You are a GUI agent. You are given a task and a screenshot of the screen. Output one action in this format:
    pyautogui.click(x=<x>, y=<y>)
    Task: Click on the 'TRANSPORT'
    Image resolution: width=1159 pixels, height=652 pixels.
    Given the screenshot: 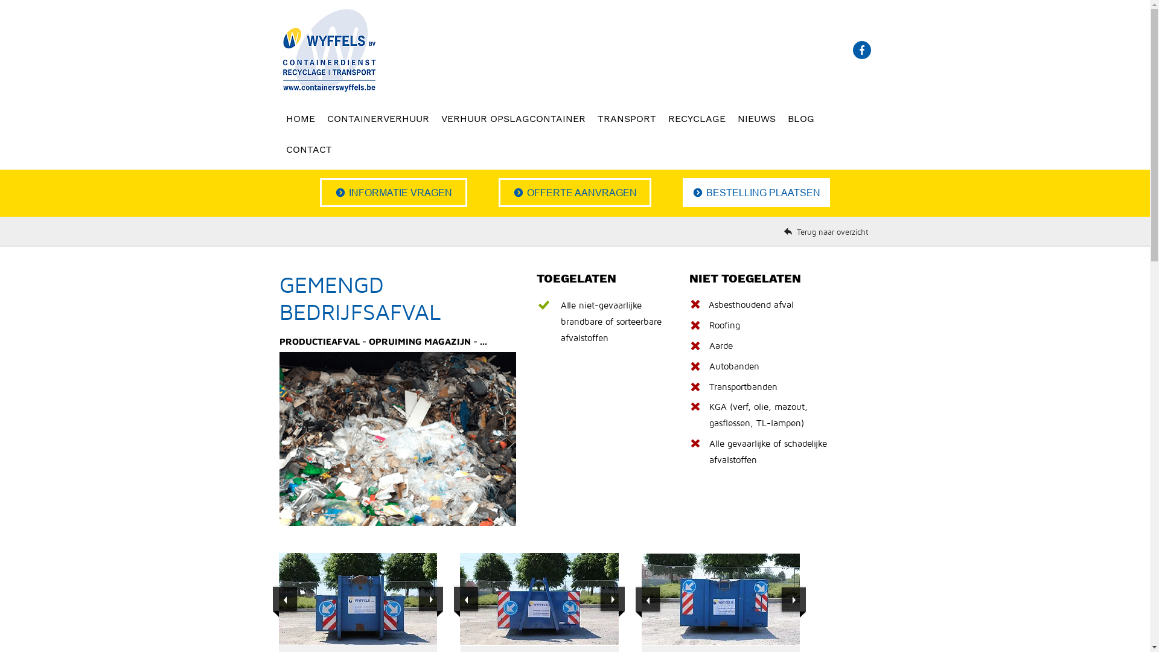 What is the action you would take?
    pyautogui.click(x=627, y=119)
    